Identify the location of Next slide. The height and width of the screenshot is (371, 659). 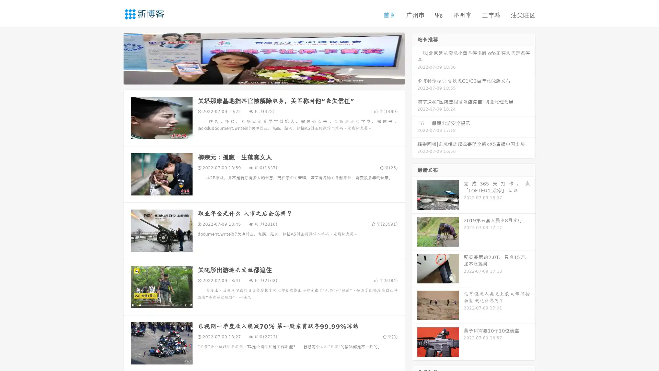
(415, 58).